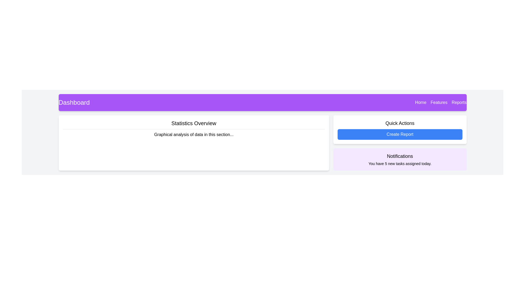 The height and width of the screenshot is (287, 510). What do you see at coordinates (193, 134) in the screenshot?
I see `the text label containing 'Graphical analysis of data in this section...' located under the heading in the 'Statistics Overview' section` at bounding box center [193, 134].